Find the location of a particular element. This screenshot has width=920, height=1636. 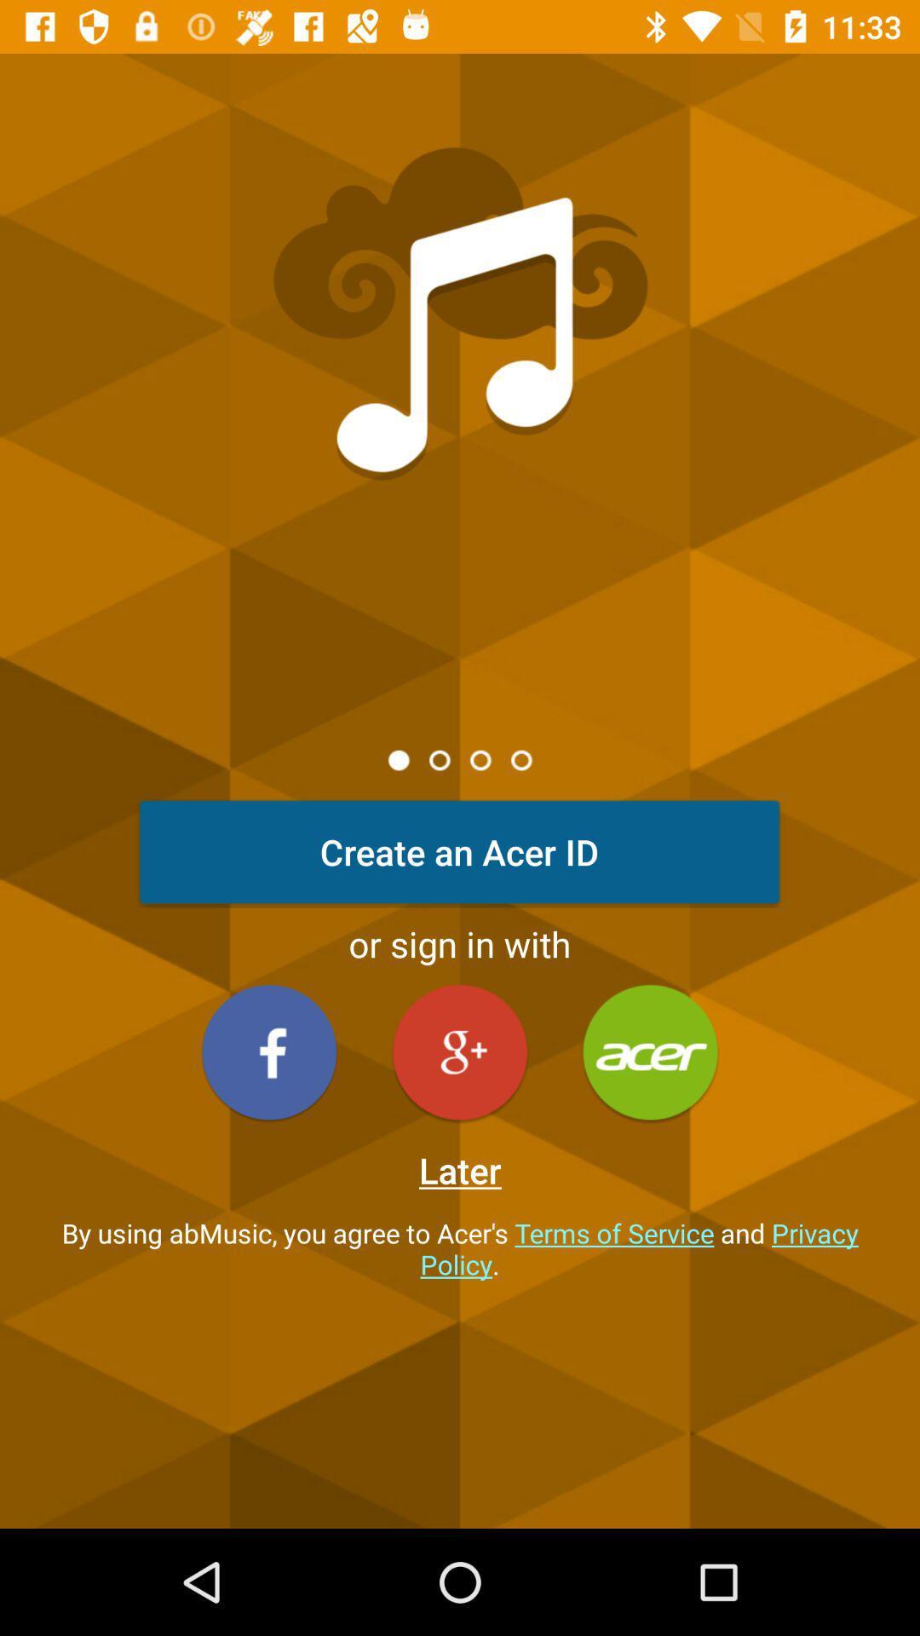

google button is located at coordinates (460, 1051).